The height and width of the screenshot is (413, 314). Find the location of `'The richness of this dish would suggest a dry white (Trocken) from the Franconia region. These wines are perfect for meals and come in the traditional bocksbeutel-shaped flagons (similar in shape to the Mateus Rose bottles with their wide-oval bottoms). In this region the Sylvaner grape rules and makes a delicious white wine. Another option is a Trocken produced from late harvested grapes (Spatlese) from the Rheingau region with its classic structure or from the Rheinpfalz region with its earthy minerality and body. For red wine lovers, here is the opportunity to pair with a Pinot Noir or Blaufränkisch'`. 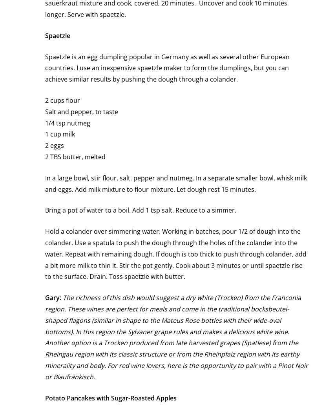

'The richness of this dish would suggest a dry white (Trocken) from the Franconia region. These wines are perfect for meals and come in the traditional bocksbeutel-shaped flagons (similar in shape to the Mateus Rose bottles with their wide-oval bottoms). In this region the Sylvaner grape rules and makes a delicious white wine. Another option is a Trocken produced from late harvested grapes (Spatlese) from the Rheingau region with its classic structure or from the Rheinpfalz region with its earthy minerality and body. For red wine lovers, here is the opportunity to pair with a Pinot Noir or Blaufränkisch' is located at coordinates (176, 337).